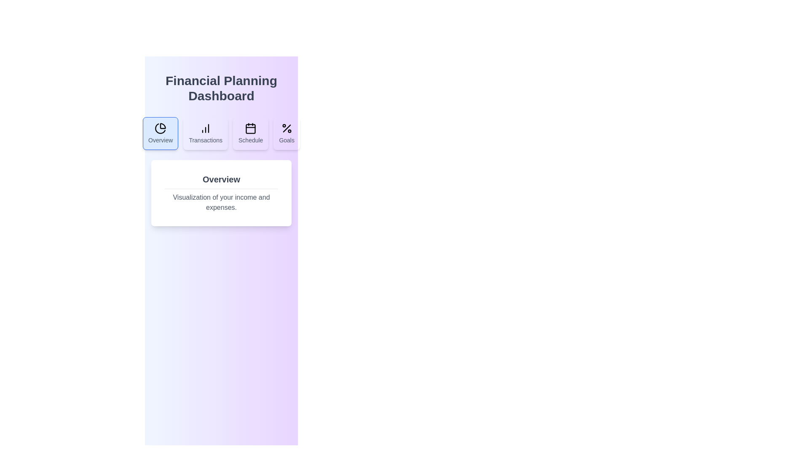  What do you see at coordinates (250, 128) in the screenshot?
I see `the calendar icon, which is the third leftmost in a horizontal list of options, located above the 'Schedule' text` at bounding box center [250, 128].